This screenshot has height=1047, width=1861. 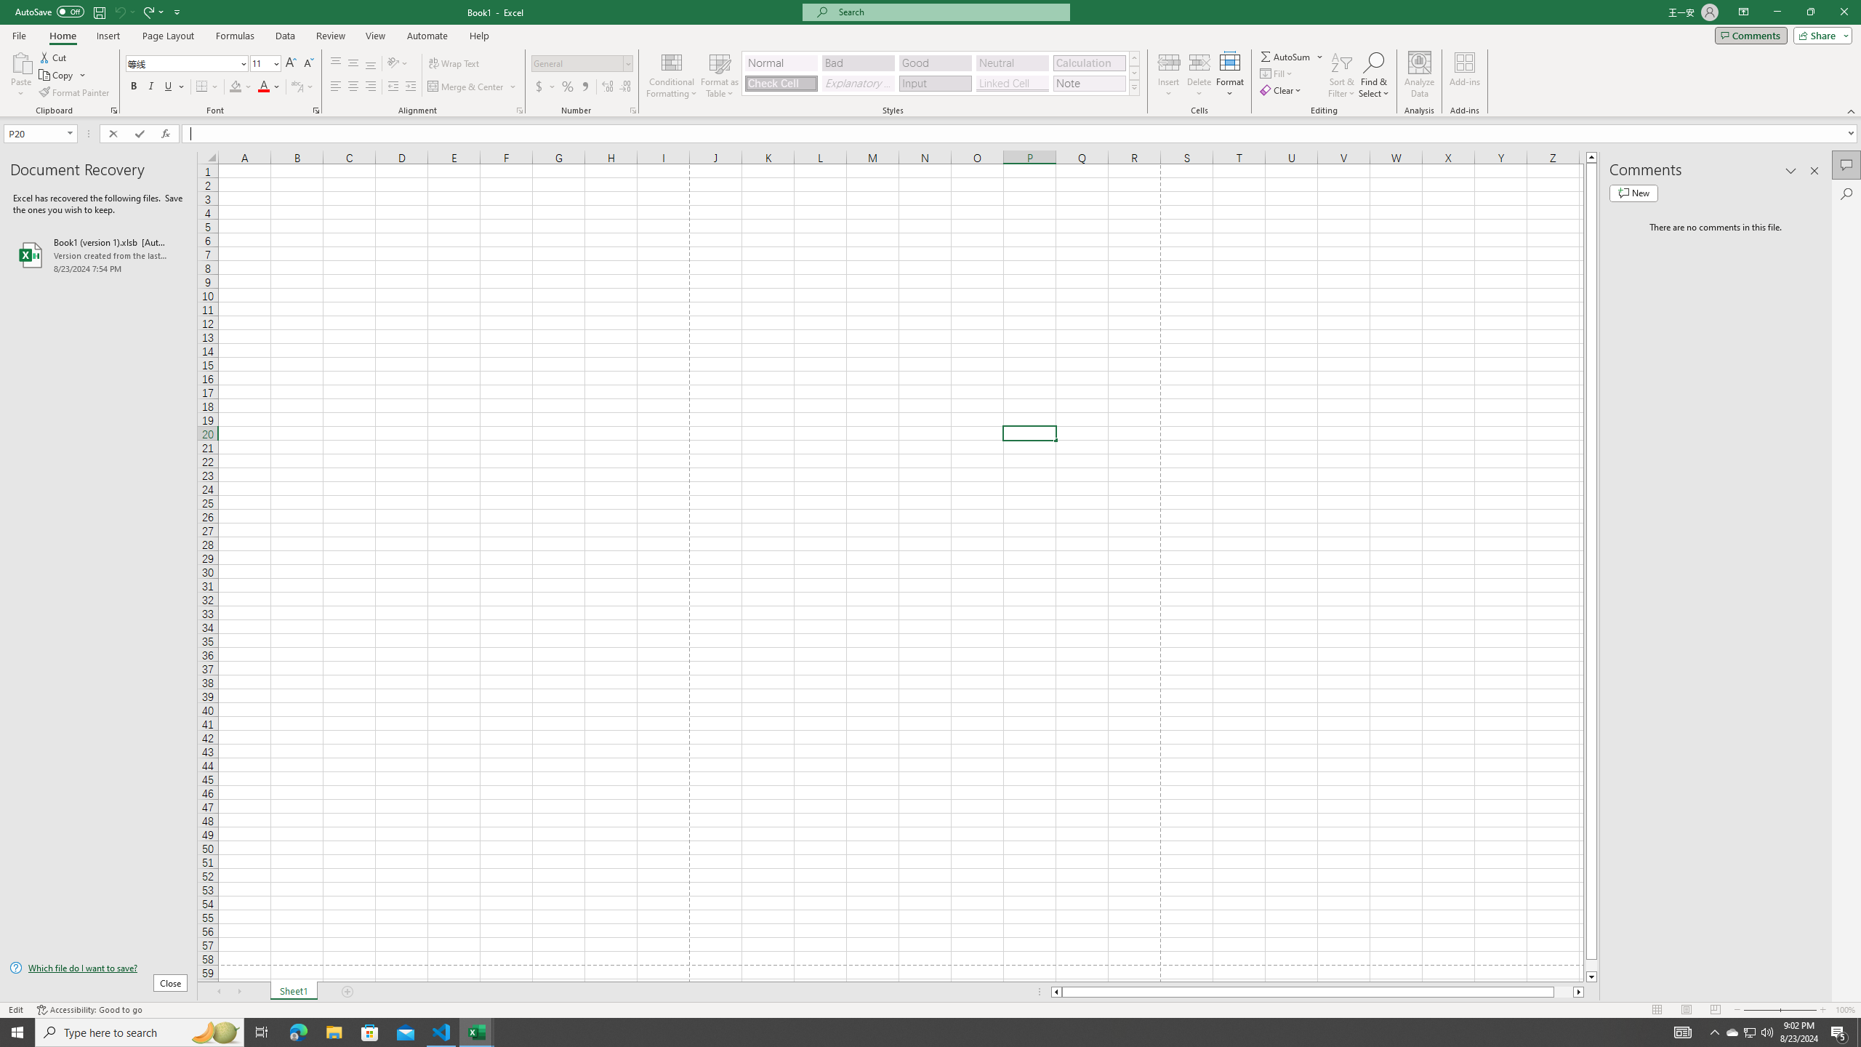 What do you see at coordinates (308, 63) in the screenshot?
I see `'Decrease Font Size'` at bounding box center [308, 63].